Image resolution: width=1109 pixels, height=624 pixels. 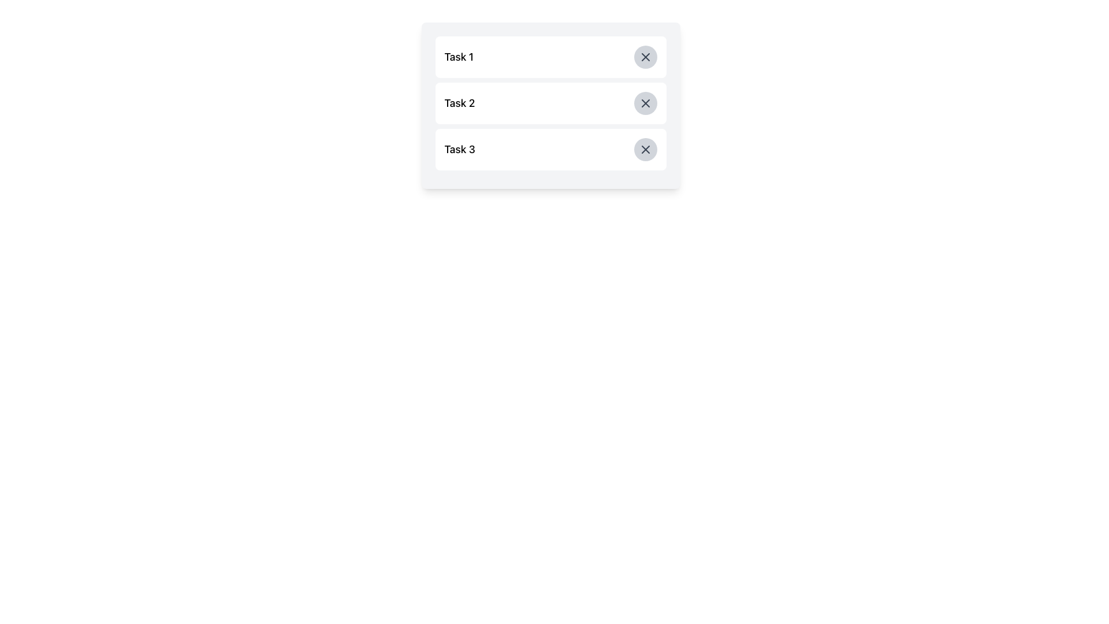 What do you see at coordinates (550, 102) in the screenshot?
I see `the List Item Block containing 'Task 2'` at bounding box center [550, 102].